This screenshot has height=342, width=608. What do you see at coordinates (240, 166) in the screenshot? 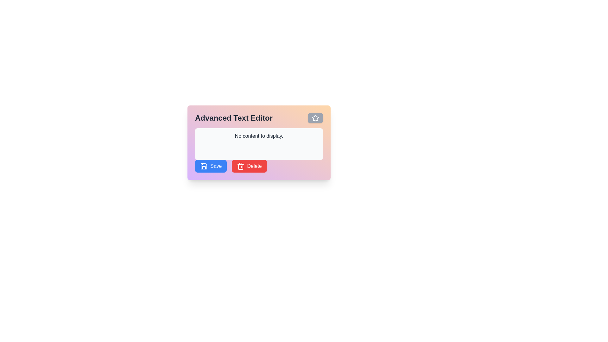
I see `the trash bin icon inside the 'Delete' button, which is located at the bottom right of the 'Advanced Text Editor' content card` at bounding box center [240, 166].